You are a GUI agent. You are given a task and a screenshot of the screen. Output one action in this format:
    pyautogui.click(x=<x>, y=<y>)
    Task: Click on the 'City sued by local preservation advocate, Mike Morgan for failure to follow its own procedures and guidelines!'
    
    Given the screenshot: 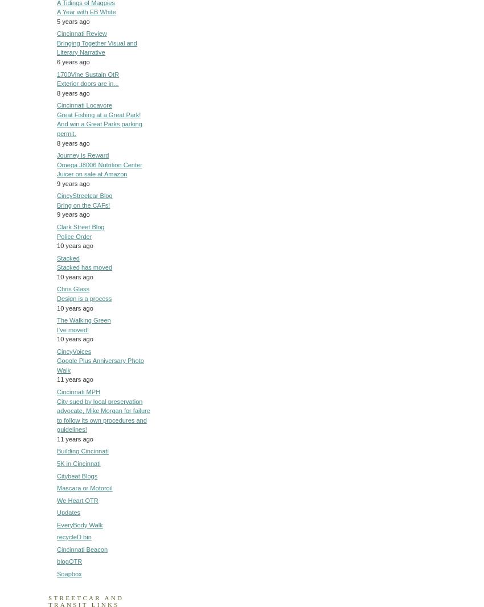 What is the action you would take?
    pyautogui.click(x=56, y=415)
    